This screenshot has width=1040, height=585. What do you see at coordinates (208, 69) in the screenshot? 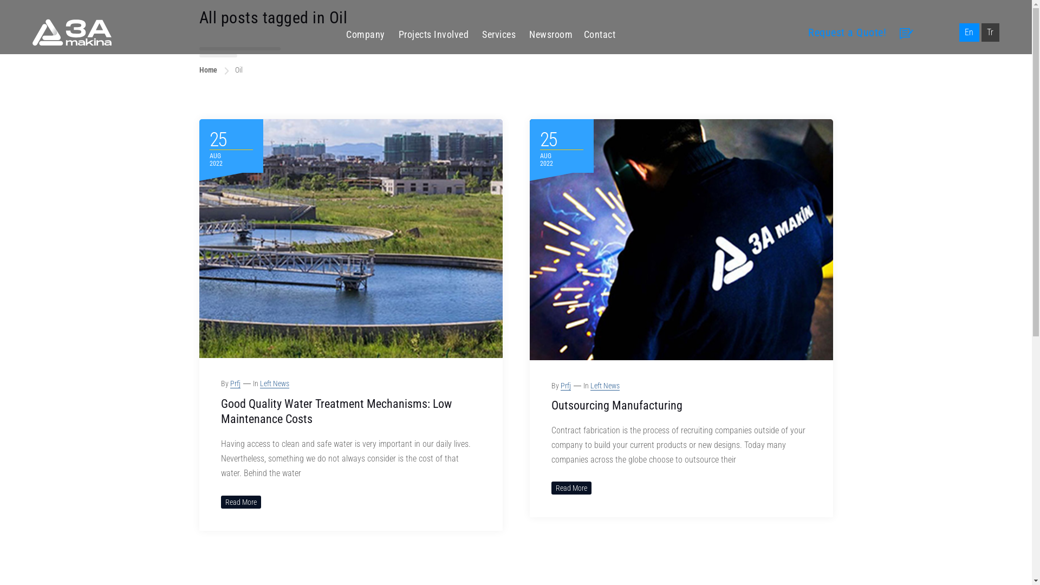
I see `'Home'` at bounding box center [208, 69].